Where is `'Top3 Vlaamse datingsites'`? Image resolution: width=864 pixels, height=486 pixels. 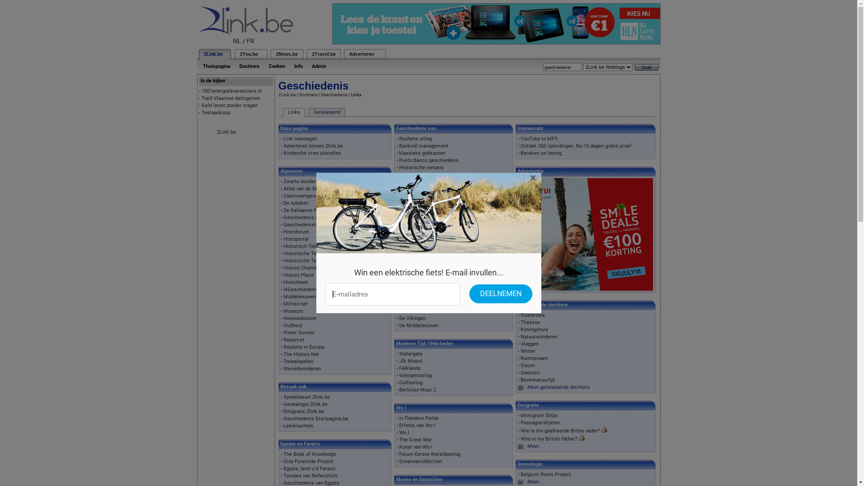
'Top3 Vlaamse datingsites' is located at coordinates (231, 98).